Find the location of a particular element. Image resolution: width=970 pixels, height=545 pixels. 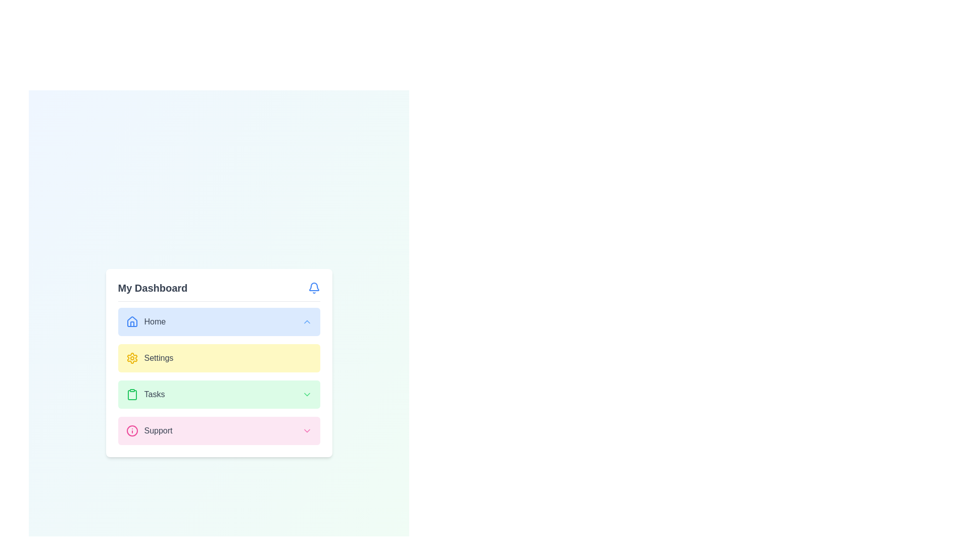

the task icon located within the 'Tasks' row is located at coordinates (131, 394).